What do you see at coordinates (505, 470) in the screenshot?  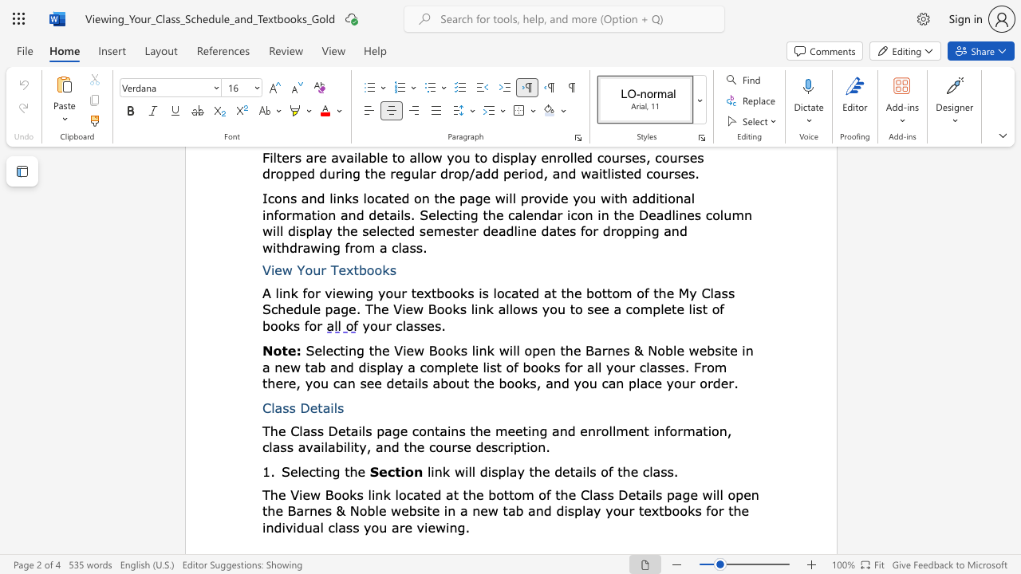 I see `the subset text "lay the details of" within the text "link will display the details of the class."` at bounding box center [505, 470].